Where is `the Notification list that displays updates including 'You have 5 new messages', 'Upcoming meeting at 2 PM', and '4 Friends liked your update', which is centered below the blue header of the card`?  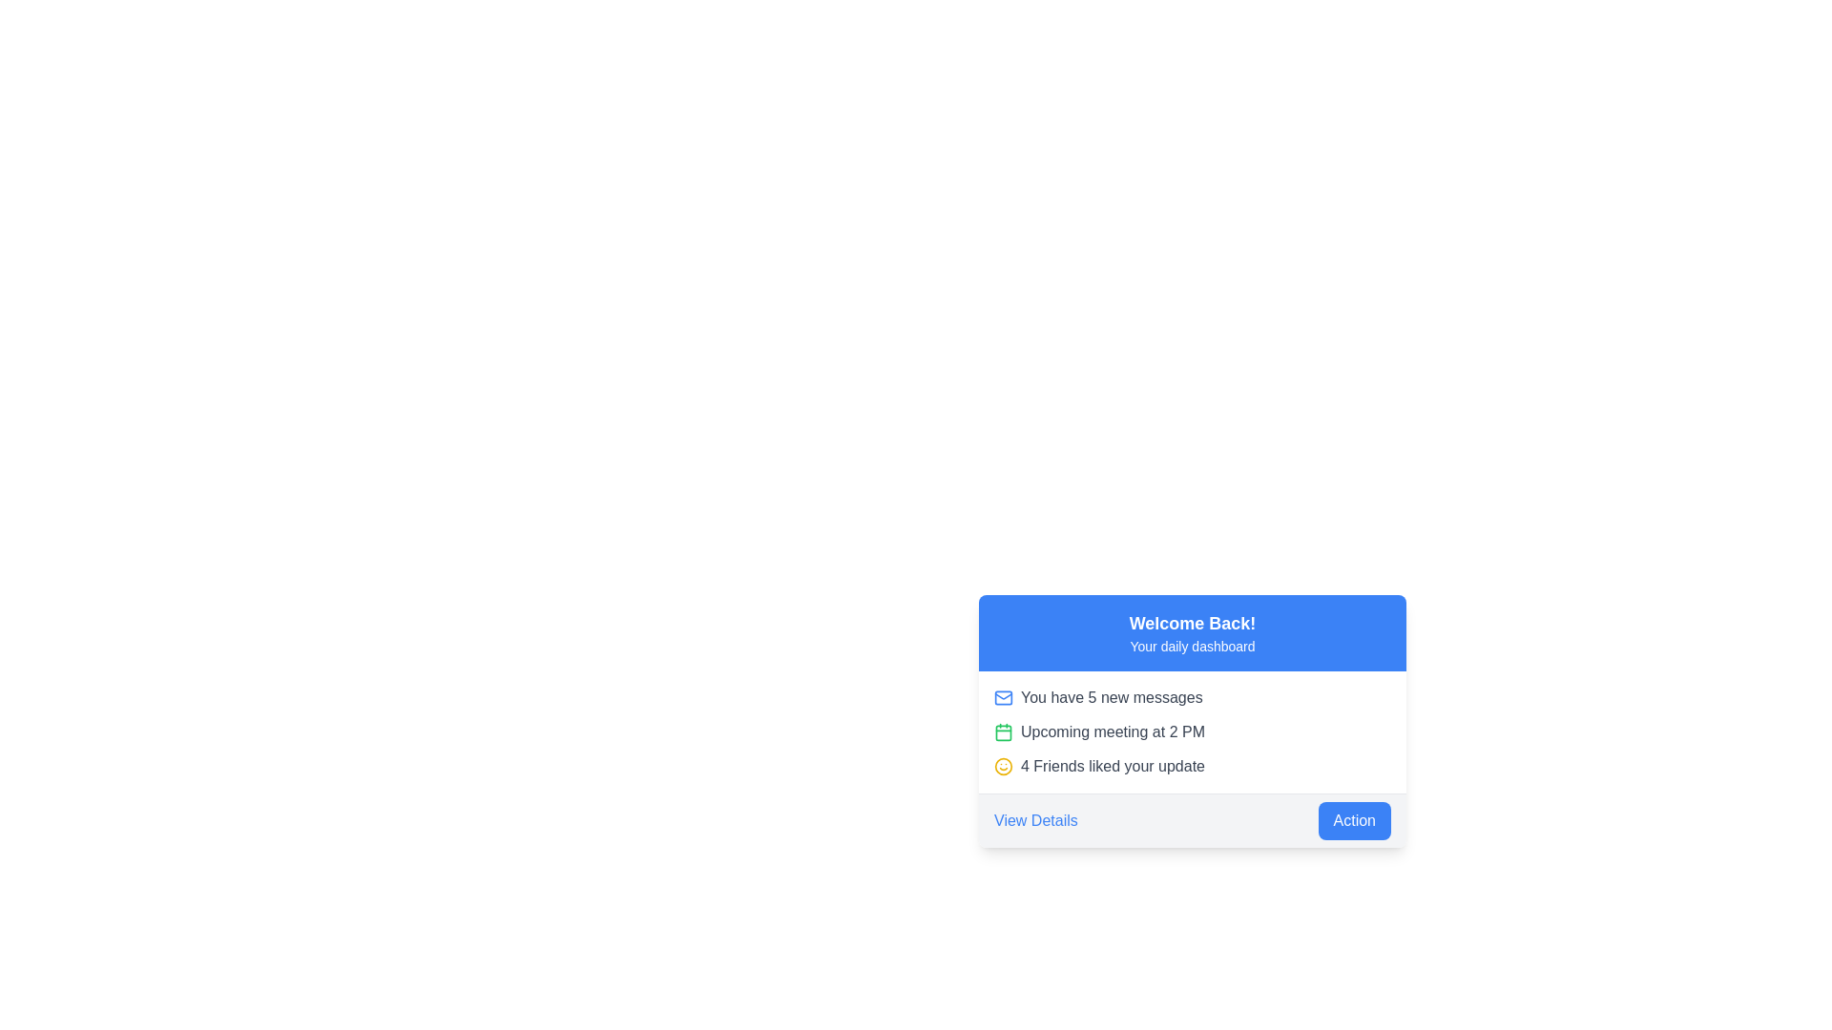
the Notification list that displays updates including 'You have 5 new messages', 'Upcoming meeting at 2 PM', and '4 Friends liked your update', which is centered below the blue header of the card is located at coordinates (1191, 731).